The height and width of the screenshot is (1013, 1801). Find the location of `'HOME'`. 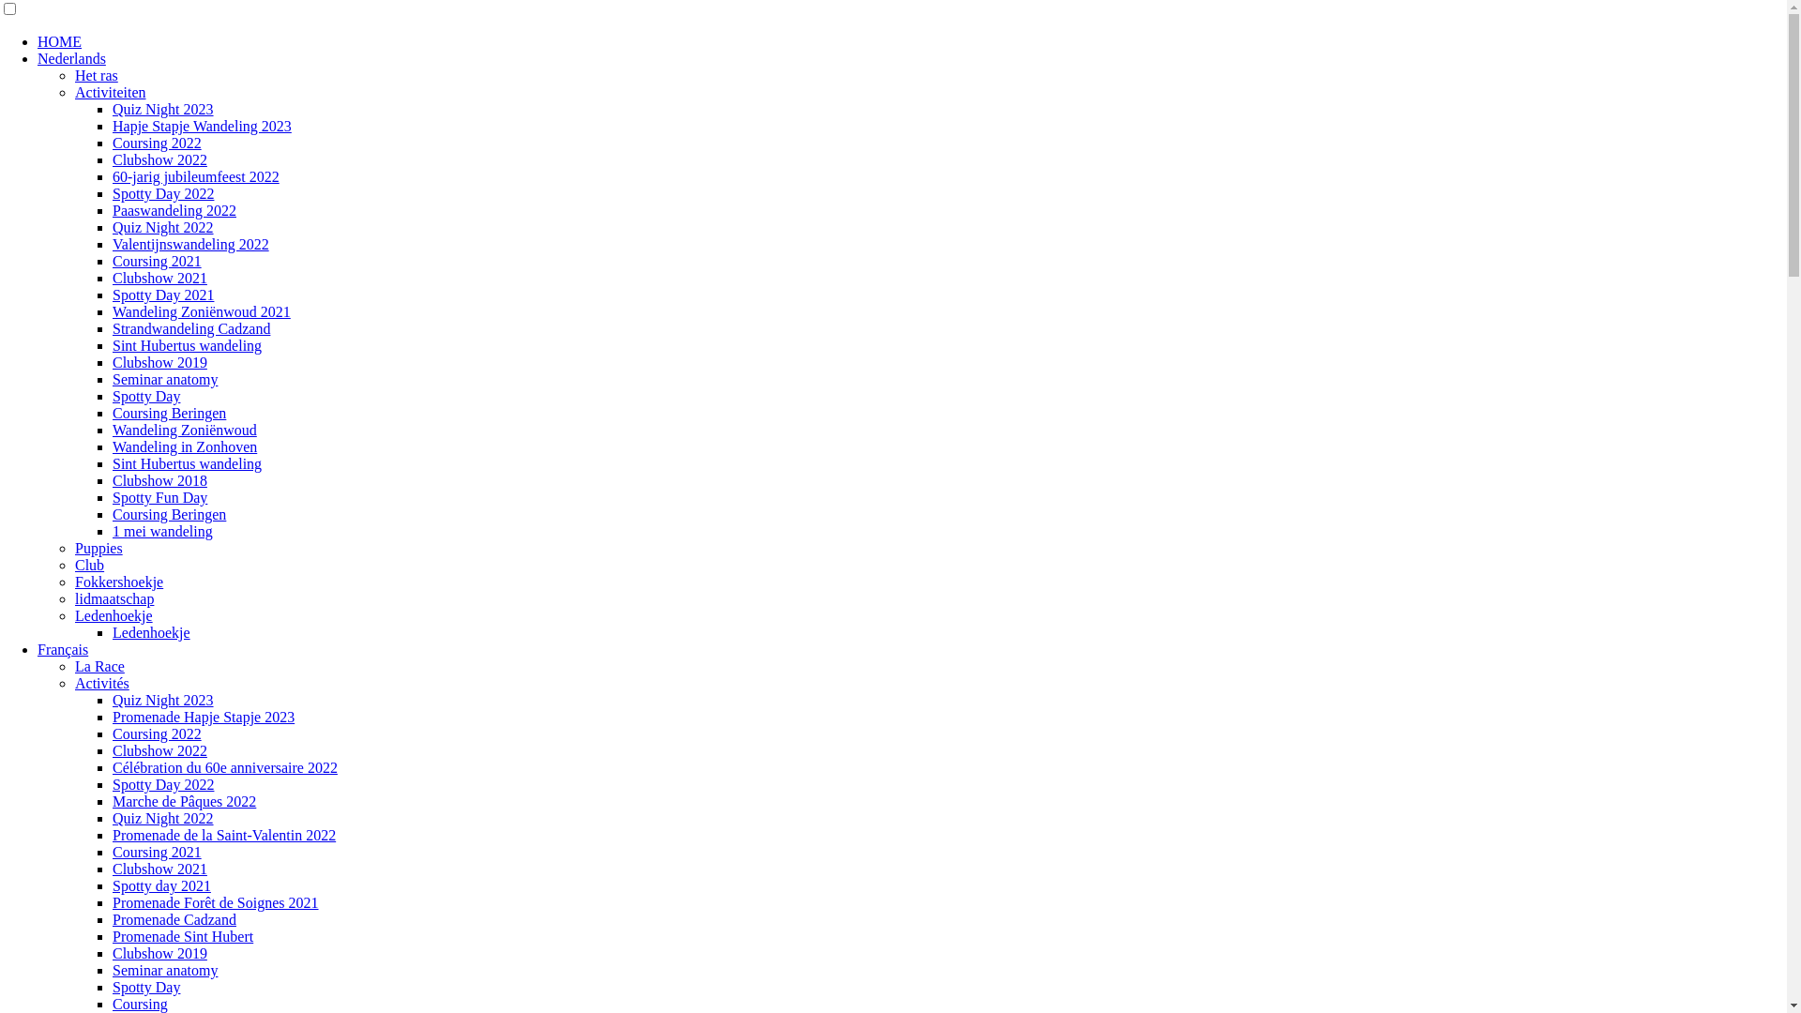

'HOME' is located at coordinates (59, 41).